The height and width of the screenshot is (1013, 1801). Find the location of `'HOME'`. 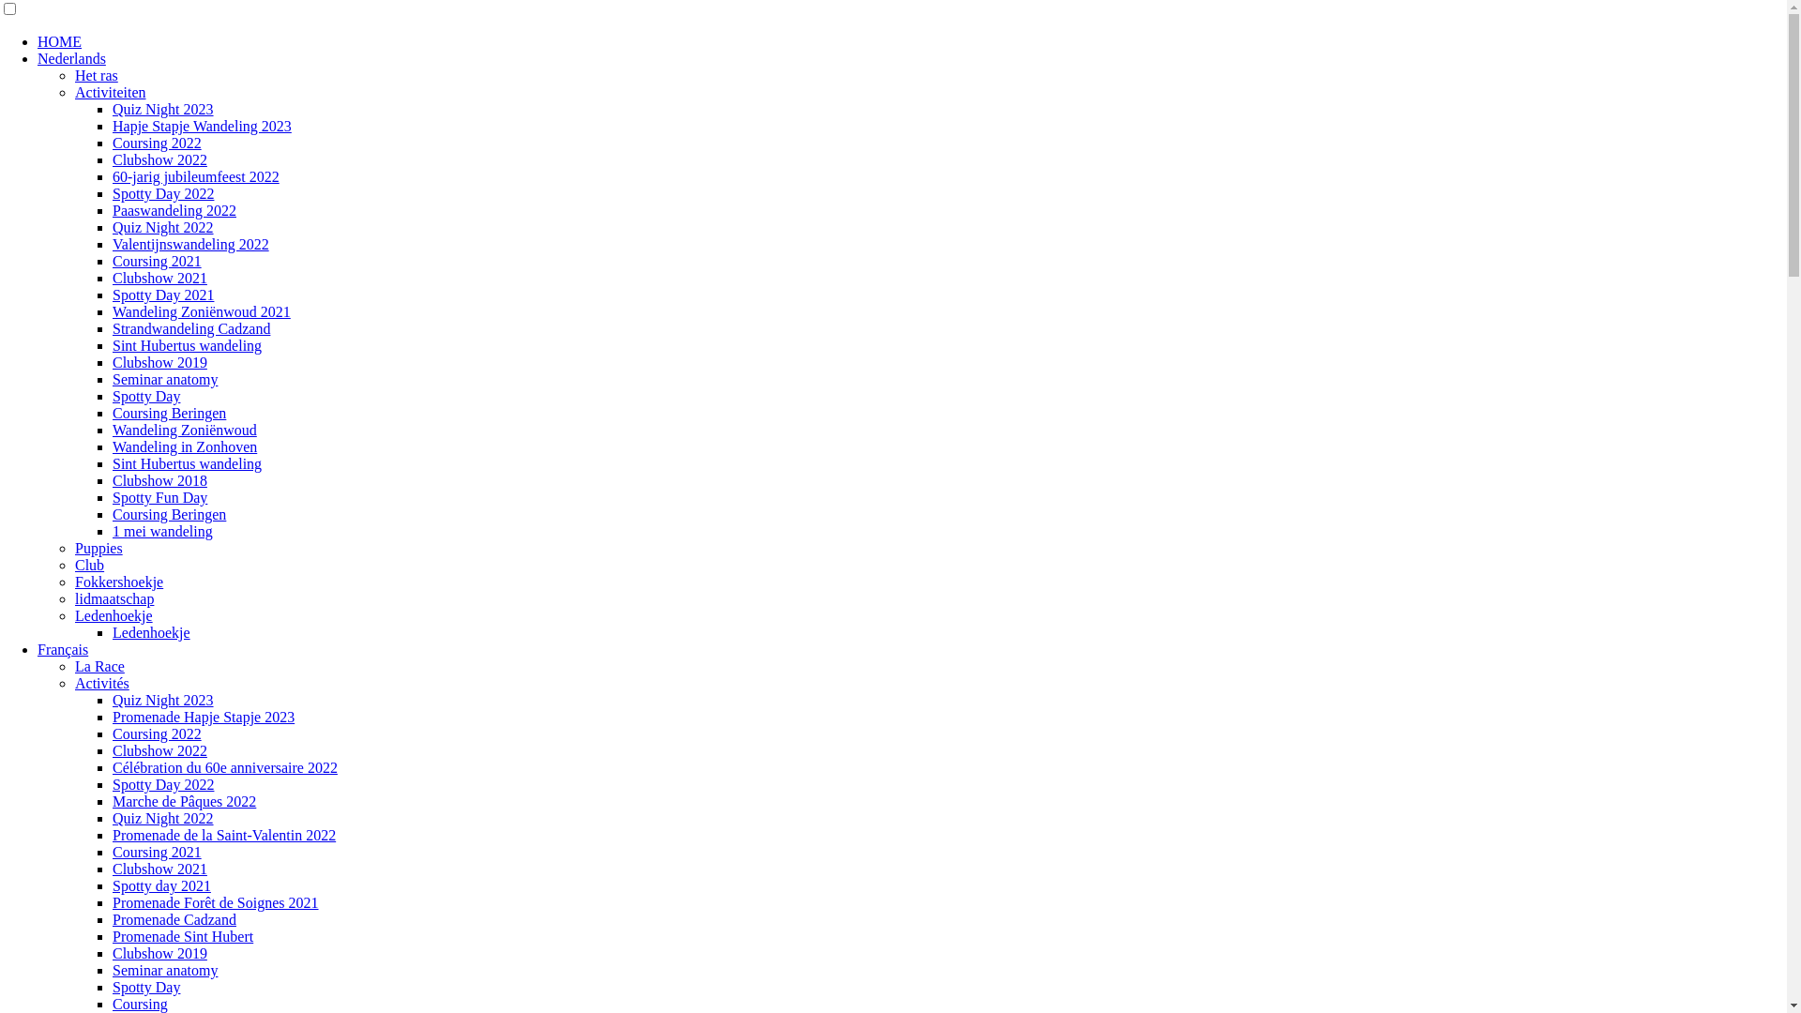

'HOME' is located at coordinates (59, 41).